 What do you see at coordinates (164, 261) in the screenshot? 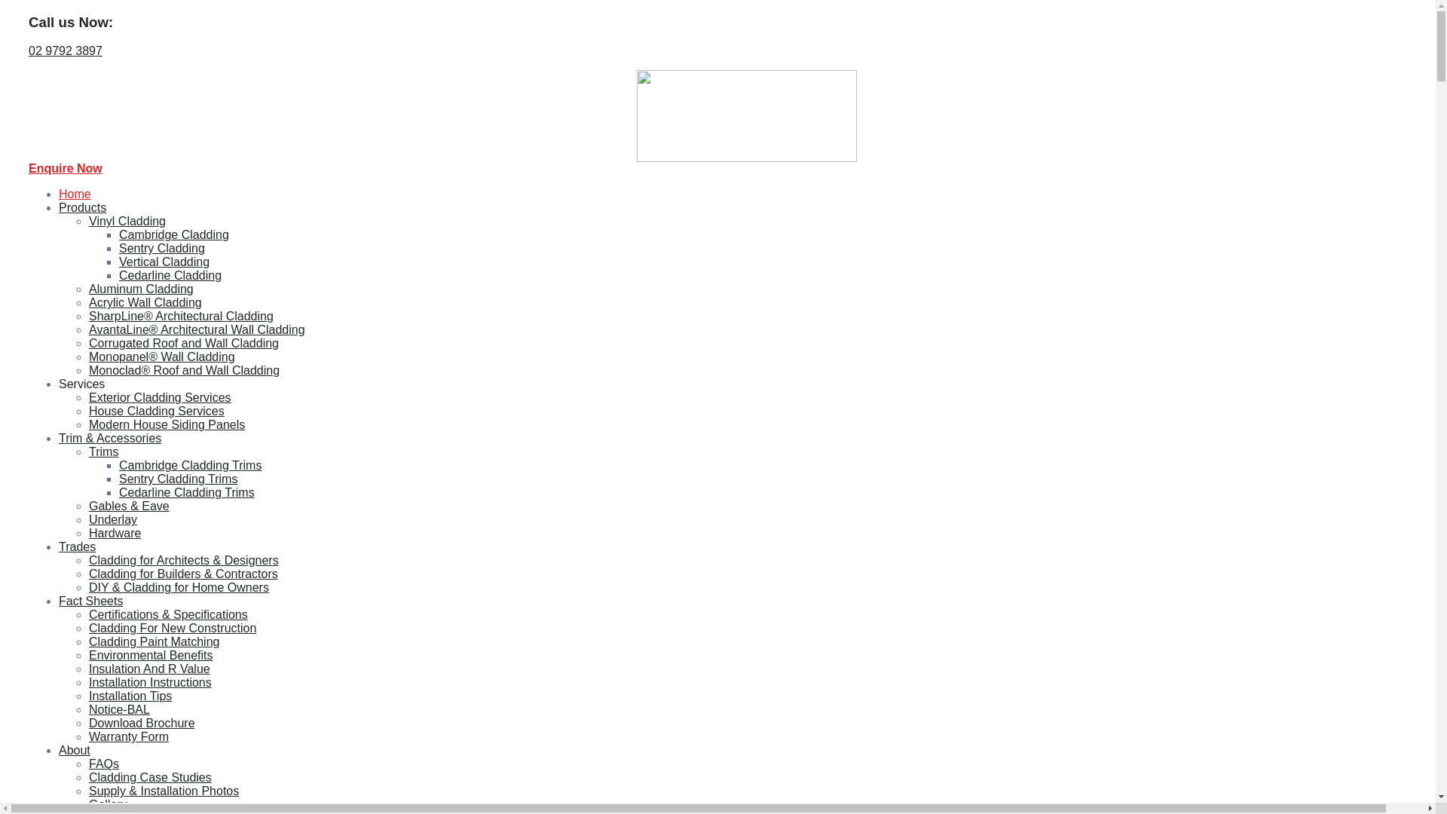
I see `'Vertical Cladding'` at bounding box center [164, 261].